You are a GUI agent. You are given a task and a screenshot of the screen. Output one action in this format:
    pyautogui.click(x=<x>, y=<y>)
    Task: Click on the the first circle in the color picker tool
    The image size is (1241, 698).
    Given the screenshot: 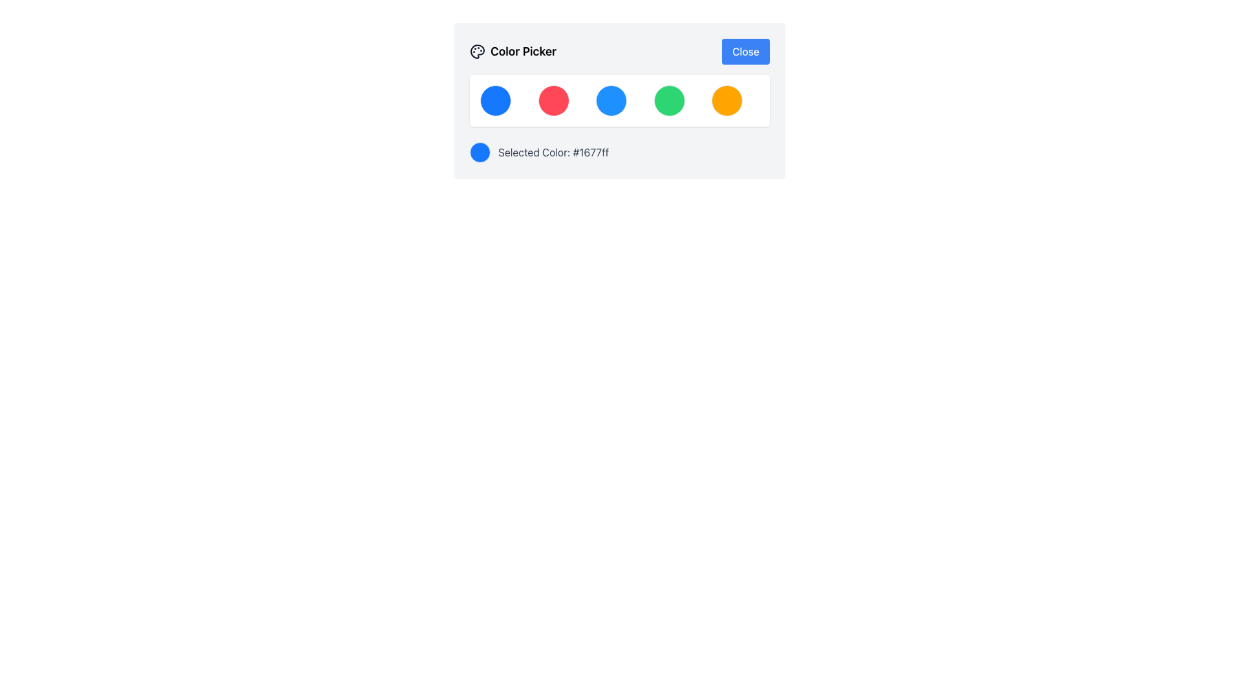 What is the action you would take?
    pyautogui.click(x=495, y=100)
    